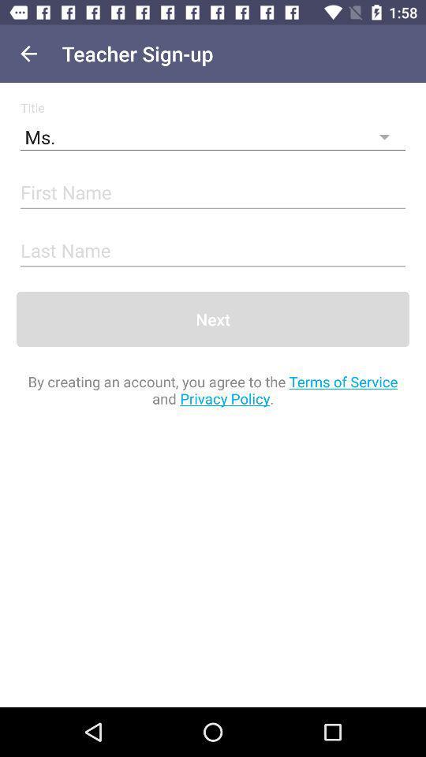 This screenshot has width=426, height=757. I want to click on first name, so click(213, 192).